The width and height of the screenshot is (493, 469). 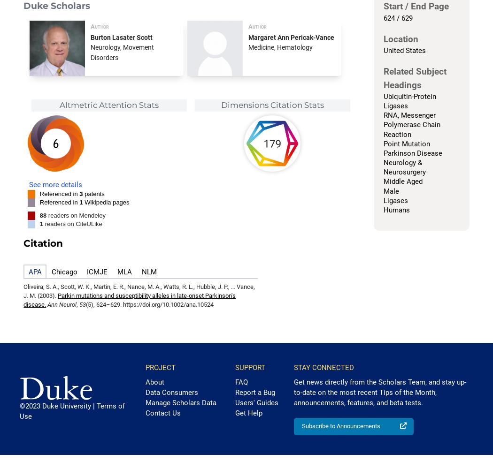 What do you see at coordinates (170, 392) in the screenshot?
I see `'Data Consumers'` at bounding box center [170, 392].